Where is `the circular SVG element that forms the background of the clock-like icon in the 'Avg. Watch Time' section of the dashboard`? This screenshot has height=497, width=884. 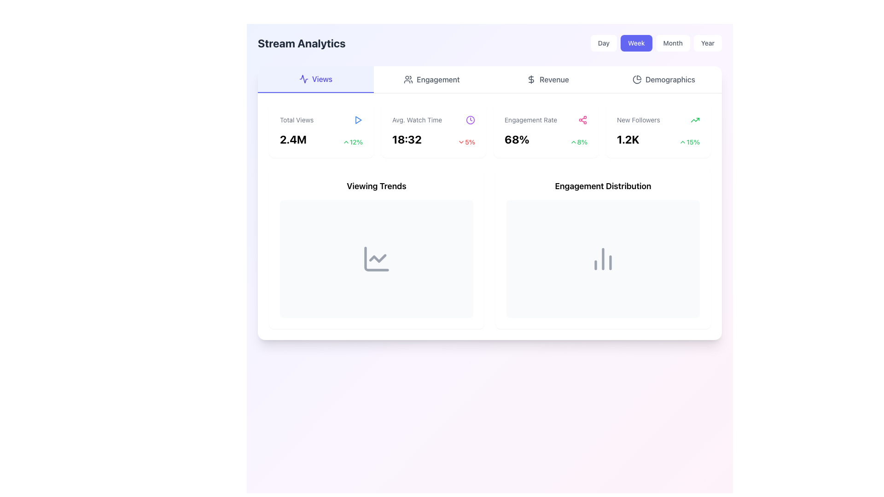 the circular SVG element that forms the background of the clock-like icon in the 'Avg. Watch Time' section of the dashboard is located at coordinates (471, 120).